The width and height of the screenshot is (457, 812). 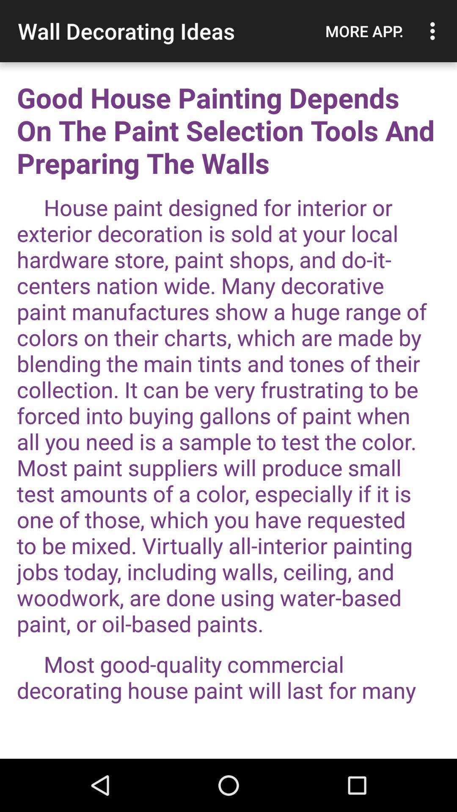 I want to click on the icon above the good house painting icon, so click(x=364, y=31).